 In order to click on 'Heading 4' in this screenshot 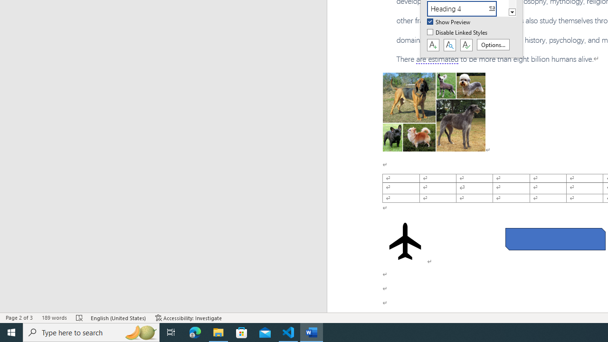, I will do `click(467, 9)`.